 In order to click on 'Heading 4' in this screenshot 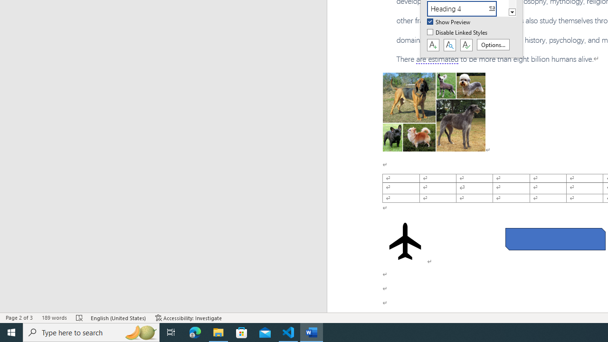, I will do `click(467, 9)`.